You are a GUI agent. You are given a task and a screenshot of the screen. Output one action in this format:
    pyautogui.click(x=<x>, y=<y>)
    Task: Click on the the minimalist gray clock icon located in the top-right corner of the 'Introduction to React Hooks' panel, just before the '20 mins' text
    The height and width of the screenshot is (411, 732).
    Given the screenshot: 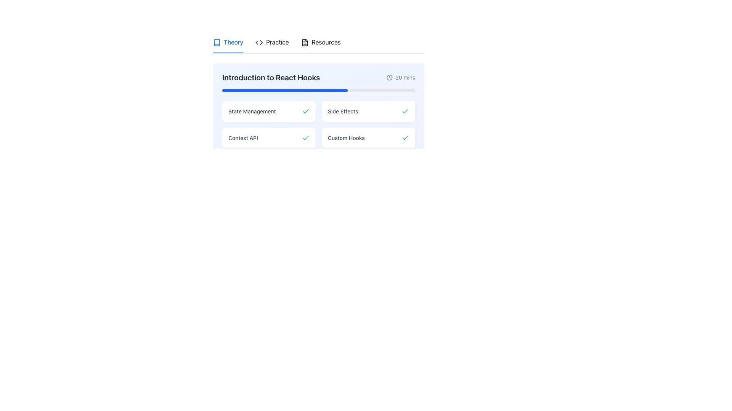 What is the action you would take?
    pyautogui.click(x=389, y=78)
    